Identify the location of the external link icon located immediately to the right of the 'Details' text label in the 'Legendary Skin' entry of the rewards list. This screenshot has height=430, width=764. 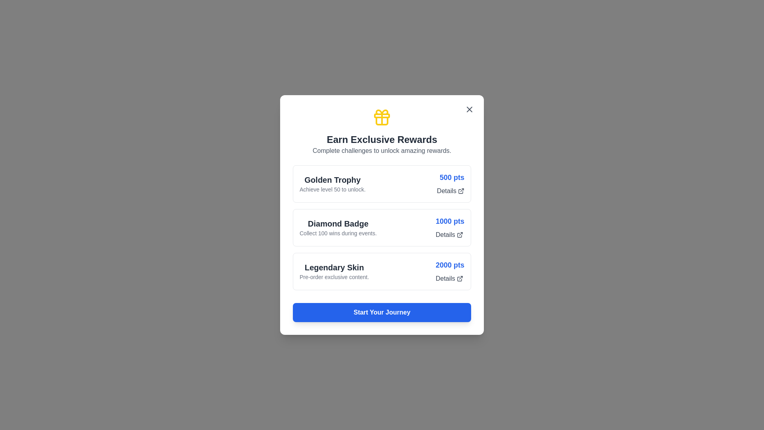
(460, 278).